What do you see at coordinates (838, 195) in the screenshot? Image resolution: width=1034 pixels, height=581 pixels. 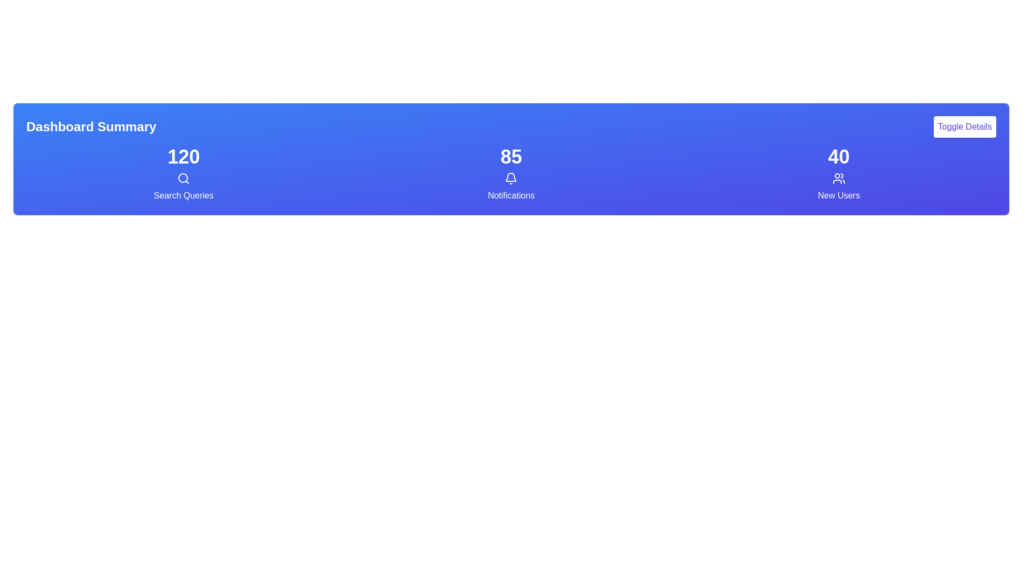 I see `the static text label indicating 'New Users' located centrally within the summary card on the right side of the dashboard, below the number '40'` at bounding box center [838, 195].